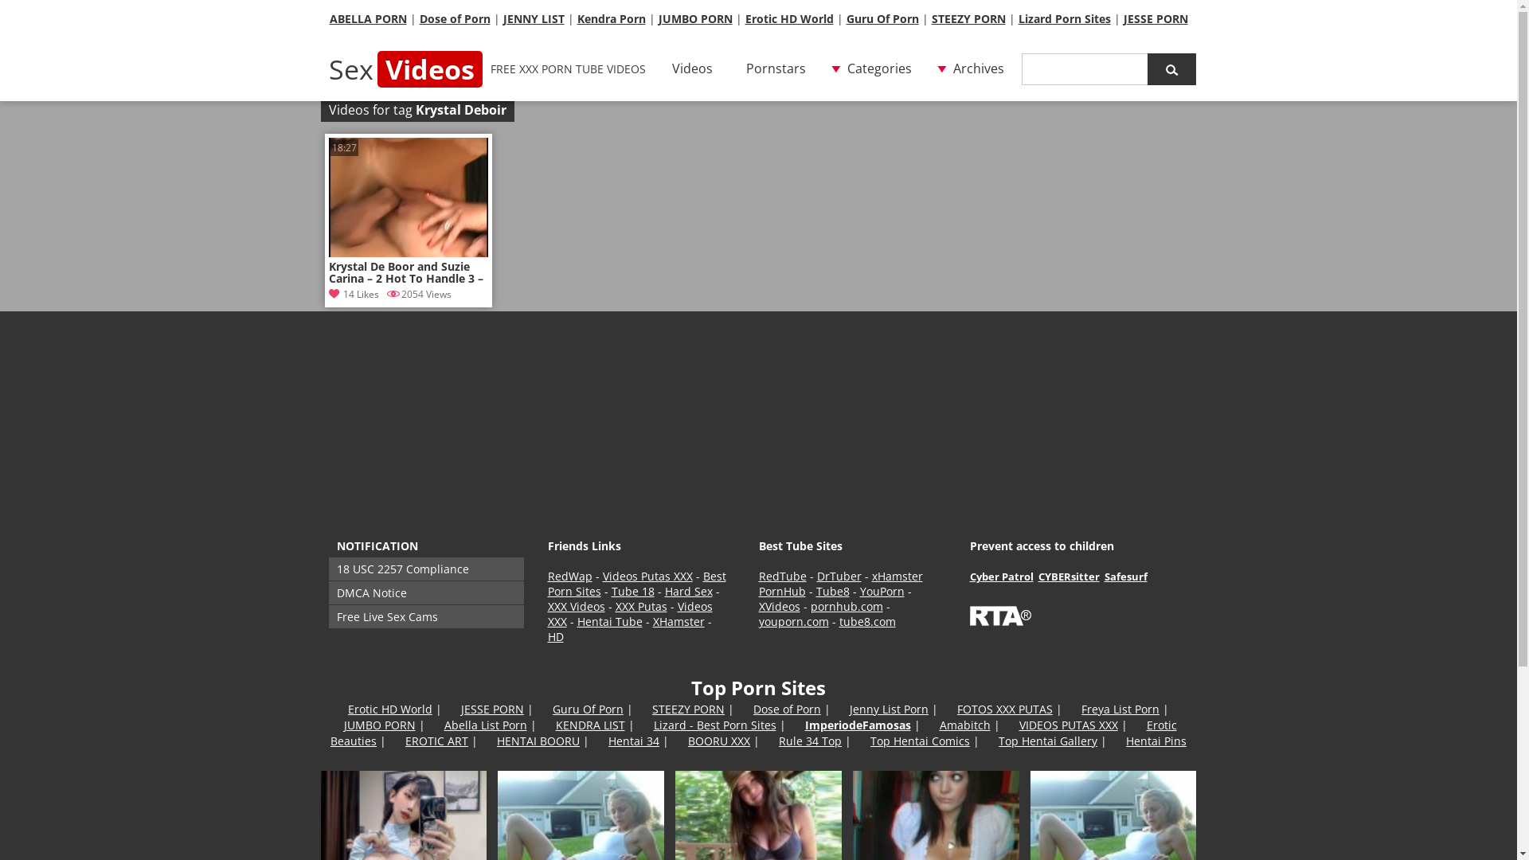 Image resolution: width=1529 pixels, height=860 pixels. Describe the element at coordinates (688, 708) in the screenshot. I see `'STEEZY PORN'` at that location.